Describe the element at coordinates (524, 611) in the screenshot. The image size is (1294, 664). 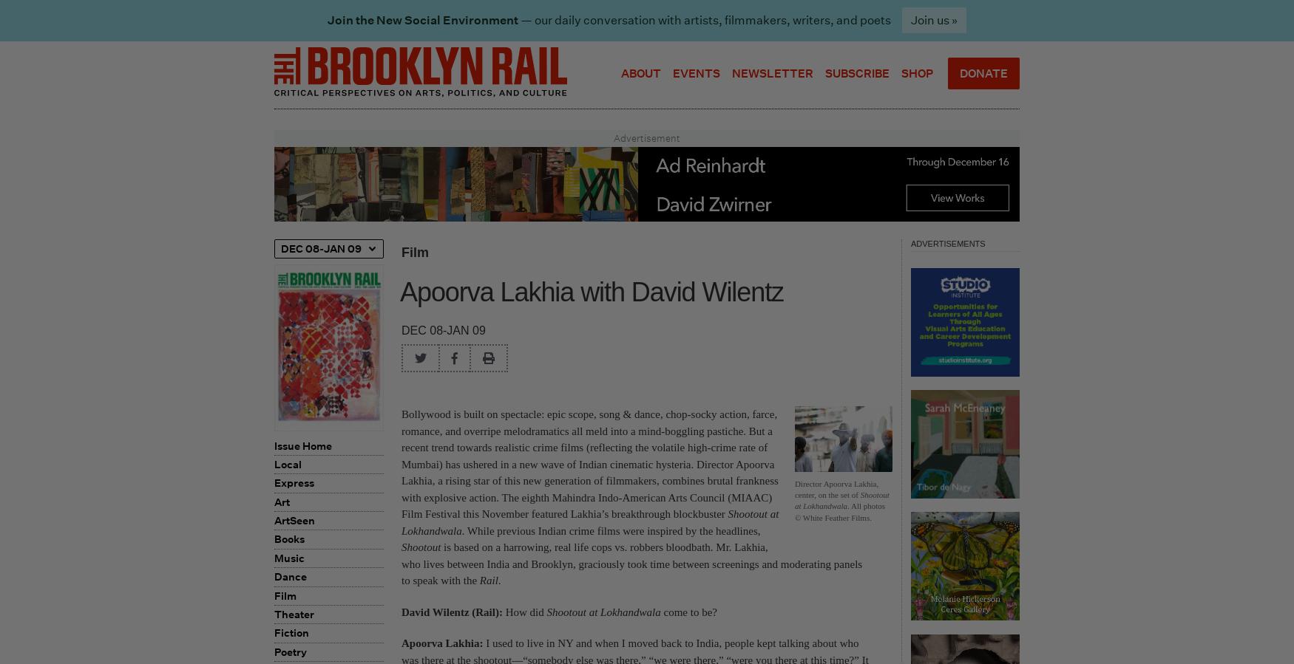
I see `'How did'` at that location.